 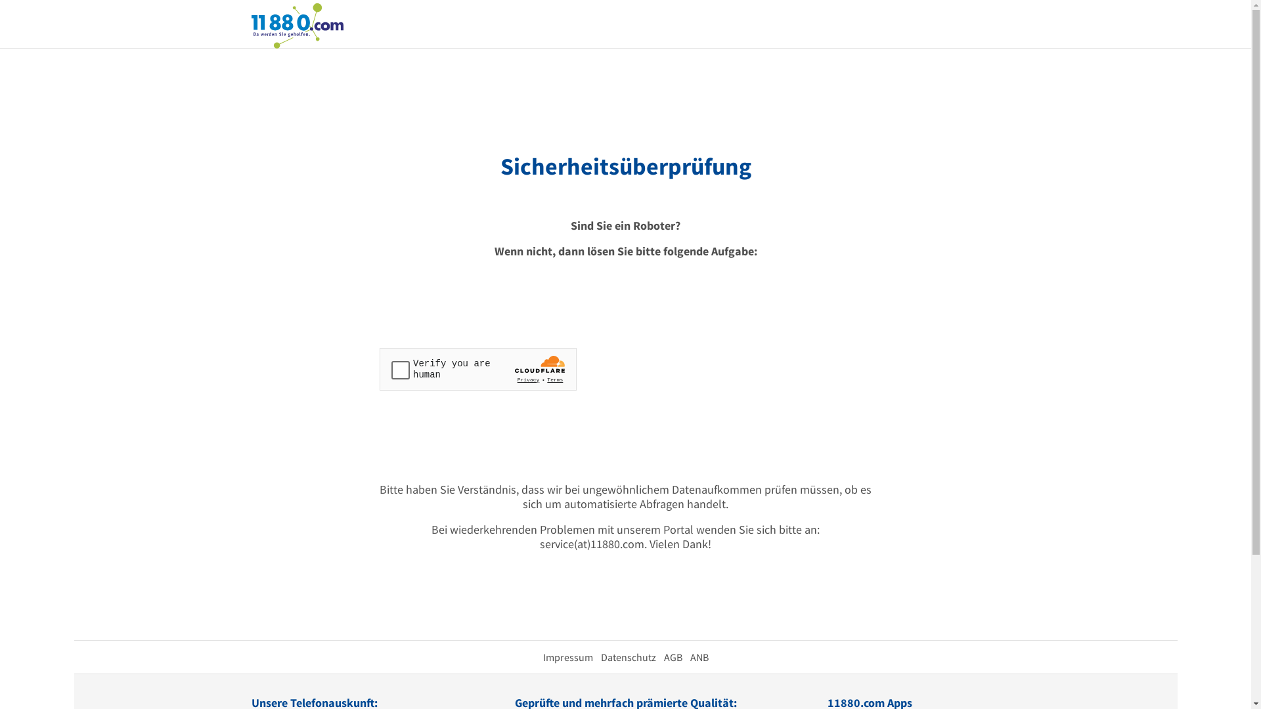 I want to click on 'AGB', so click(x=663, y=657).